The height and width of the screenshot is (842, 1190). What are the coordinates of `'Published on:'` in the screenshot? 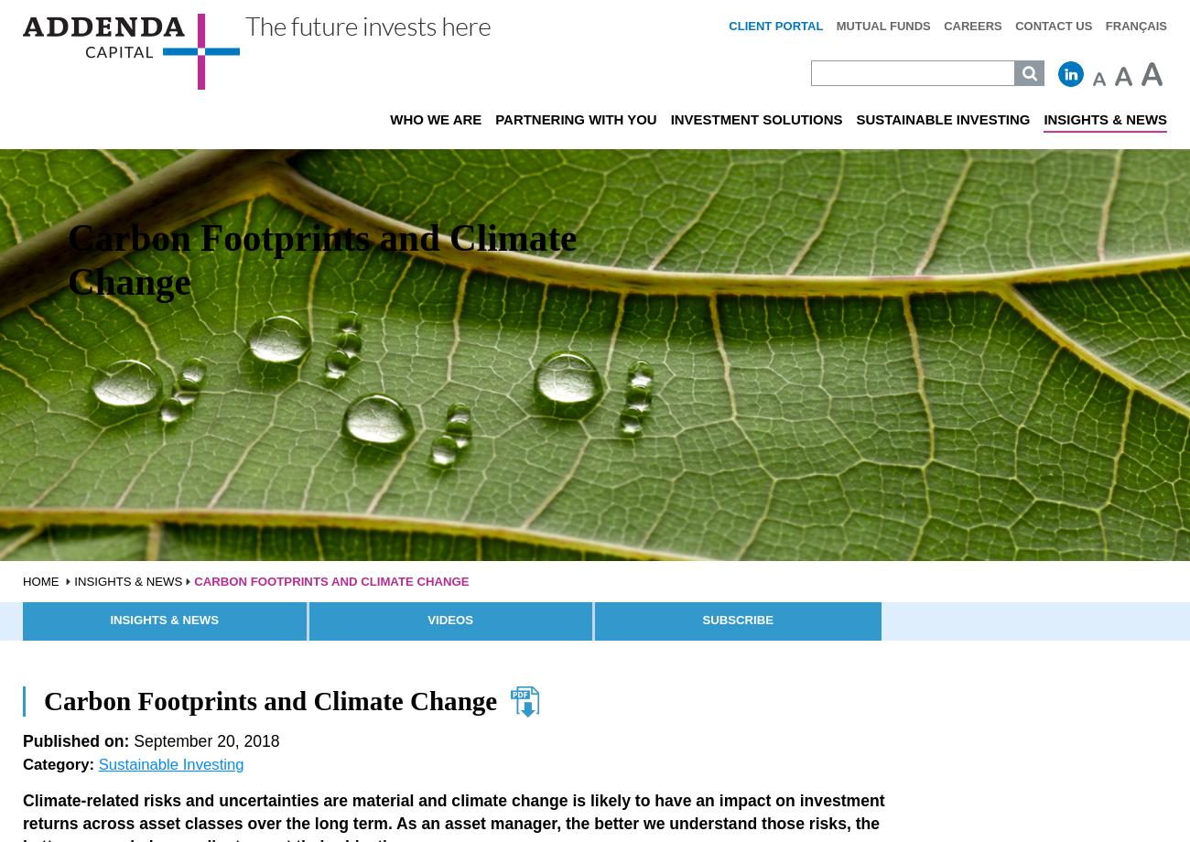 It's located at (75, 739).